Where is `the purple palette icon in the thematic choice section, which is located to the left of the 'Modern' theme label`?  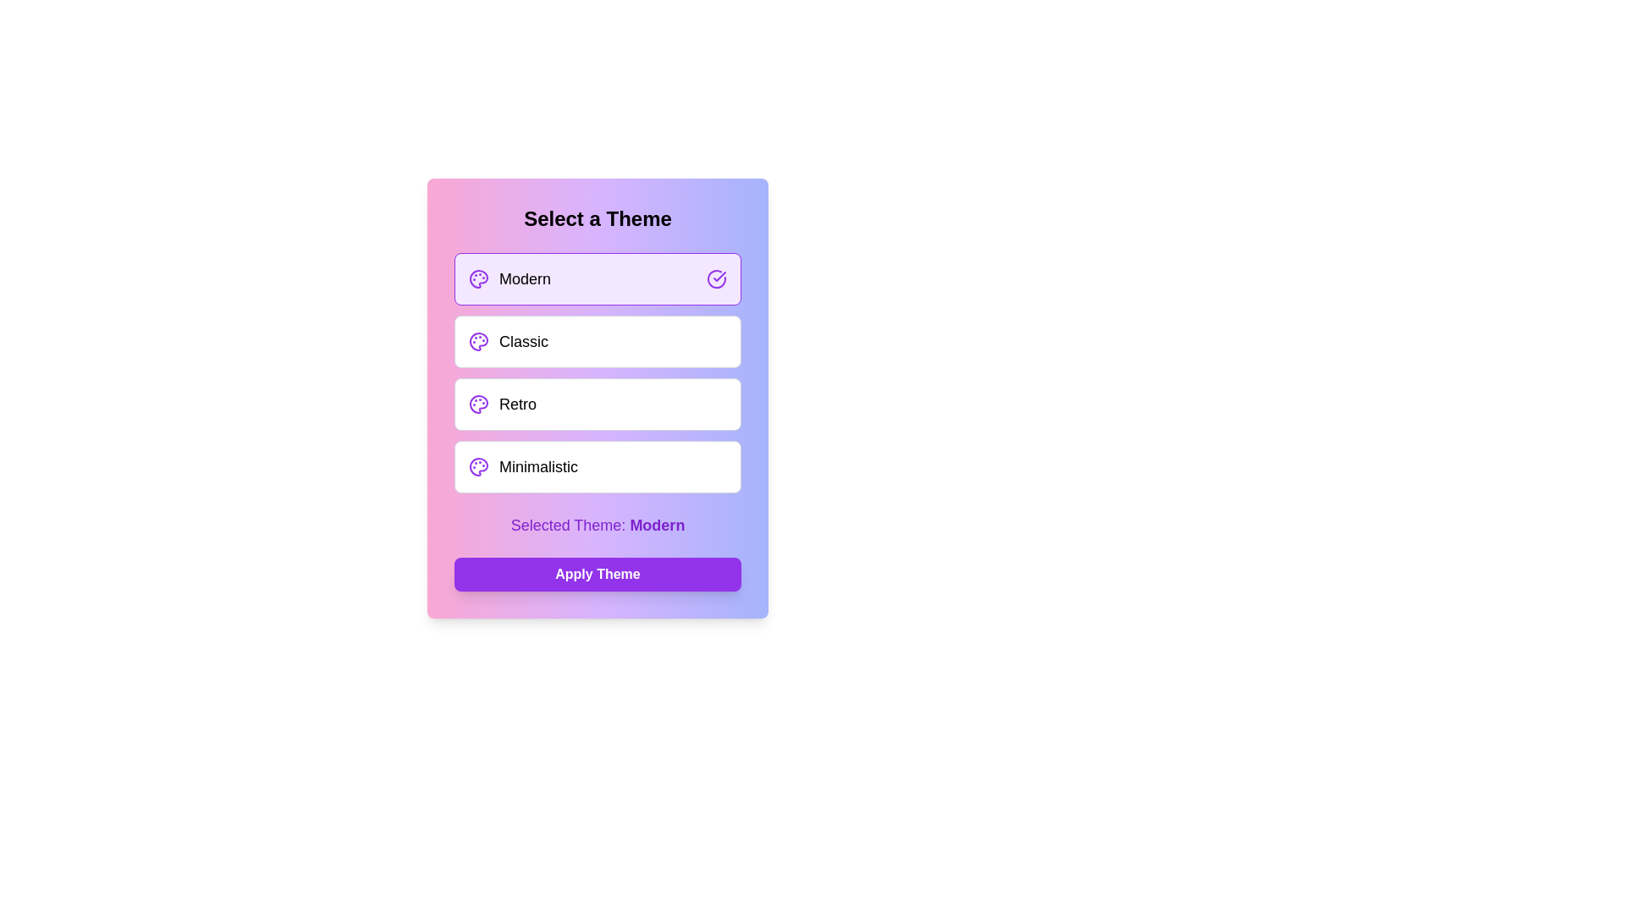 the purple palette icon in the thematic choice section, which is located to the left of the 'Modern' theme label is located at coordinates (478, 278).